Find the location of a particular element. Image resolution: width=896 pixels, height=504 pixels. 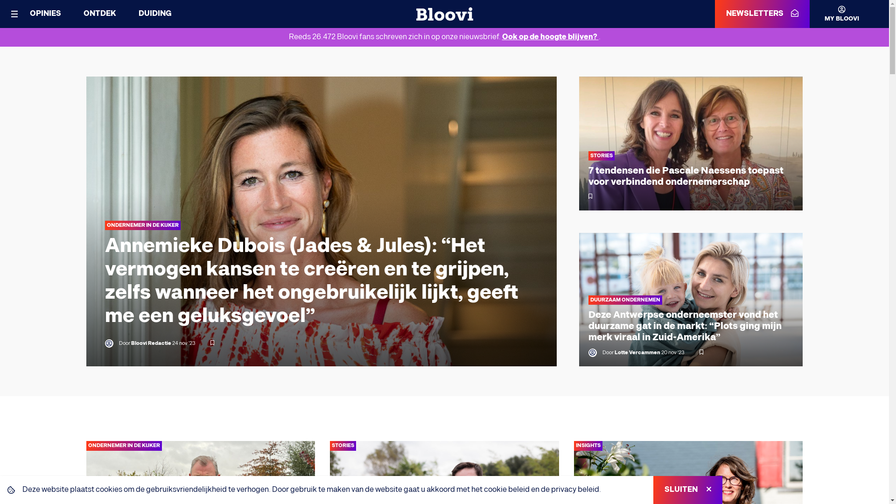

'MY BLOOVI' is located at coordinates (834, 14).